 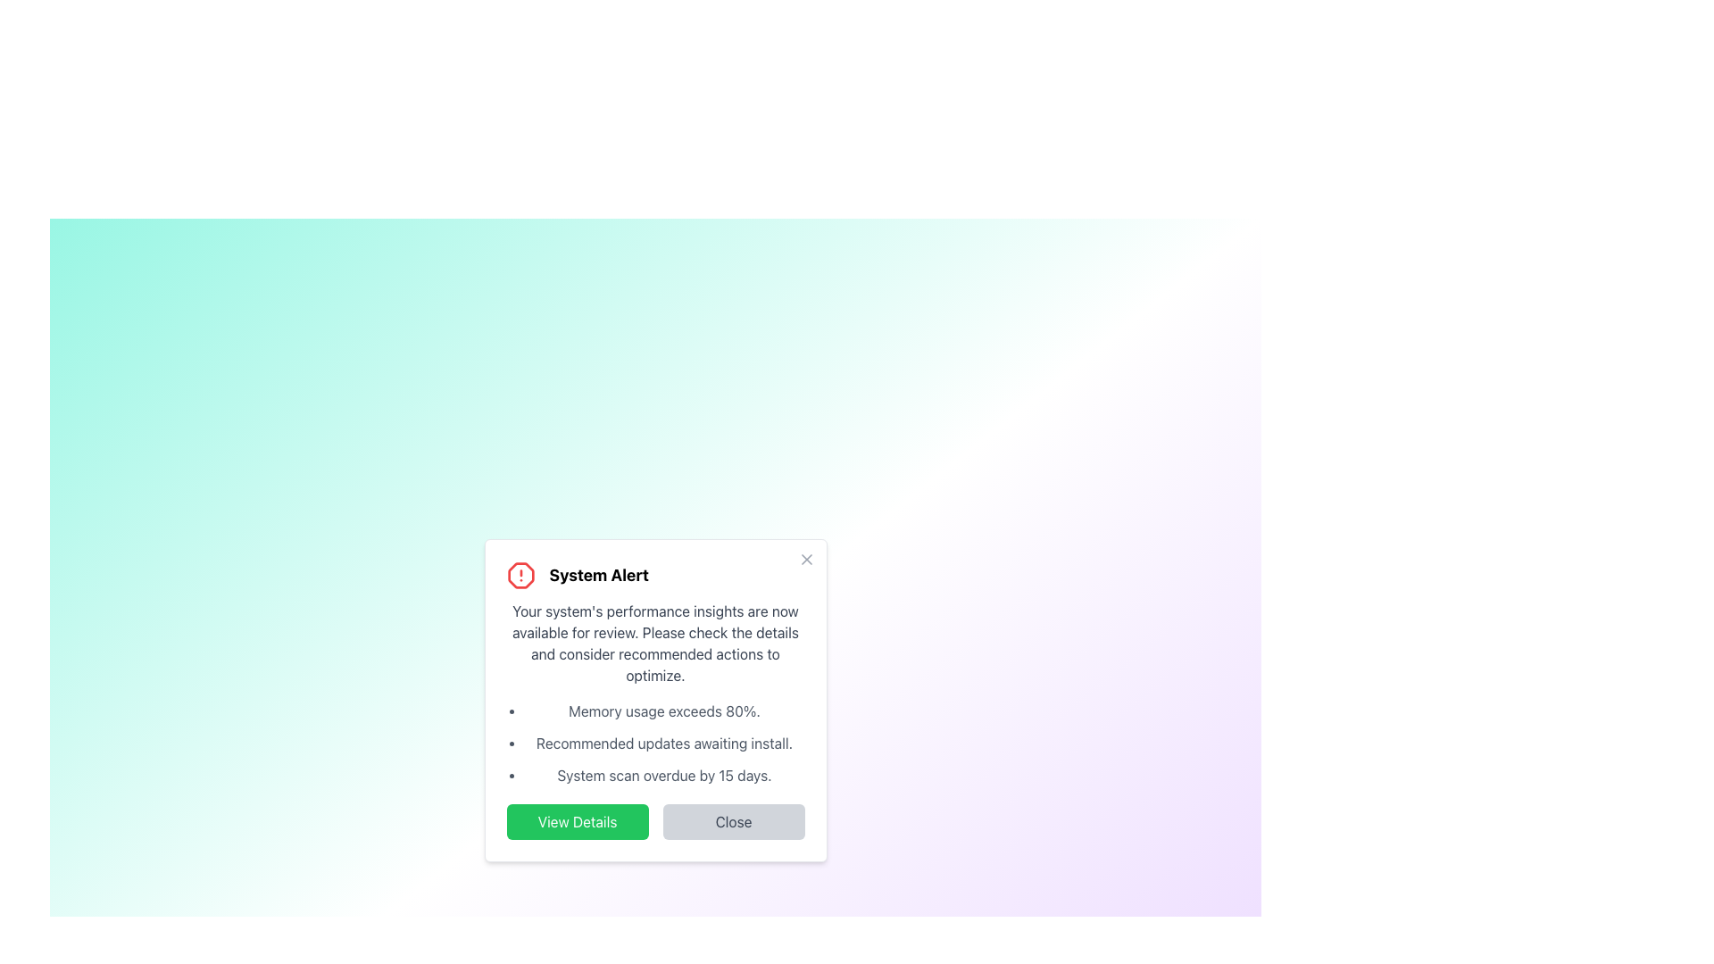 I want to click on notification text label that informs the user about a pending recommendation to install updates, which is the second item in the list of system alerts, so click(x=663, y=744).